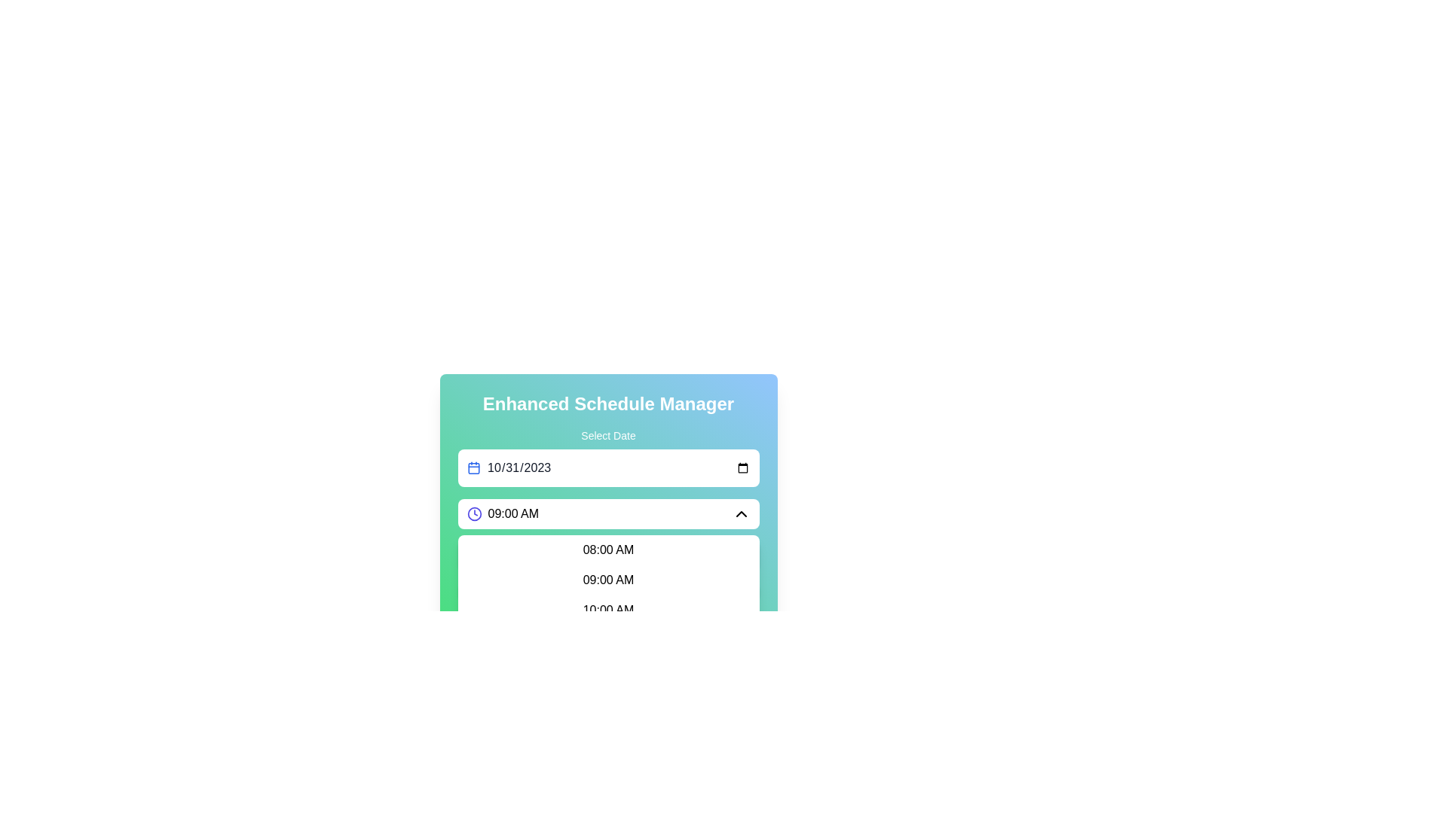  I want to click on the text label displaying 'Select Date', styled with small white font on a gradient background, located below the heading 'Enhanced Schedule Manager', so click(608, 435).